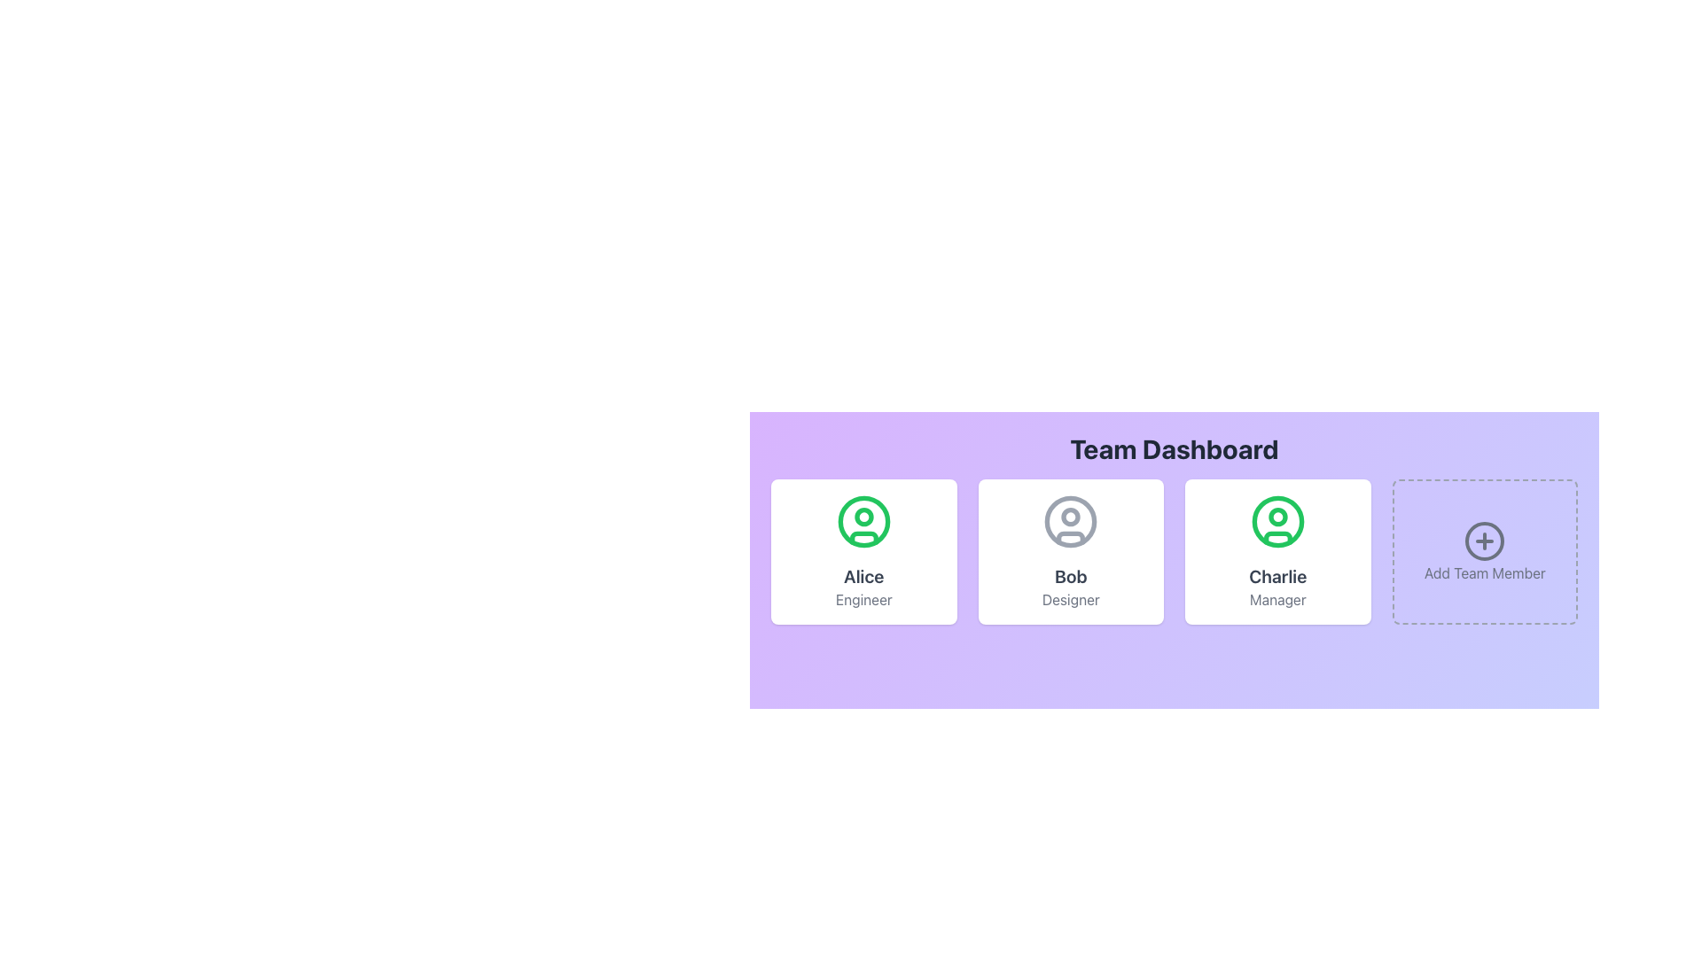 This screenshot has height=957, width=1702. Describe the element at coordinates (1070, 517) in the screenshot. I see `the circular element representing the user avatar in the user profile icon located at the top portion of the card labeled 'Bob Designer', which is the second card from the left` at that location.